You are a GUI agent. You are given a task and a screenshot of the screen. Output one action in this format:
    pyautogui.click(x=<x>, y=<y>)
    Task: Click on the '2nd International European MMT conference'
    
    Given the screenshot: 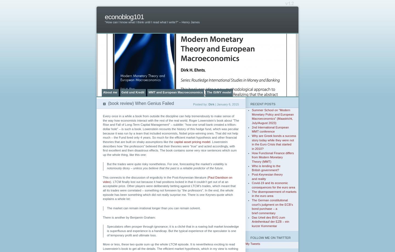 What is the action you would take?
    pyautogui.click(x=270, y=129)
    